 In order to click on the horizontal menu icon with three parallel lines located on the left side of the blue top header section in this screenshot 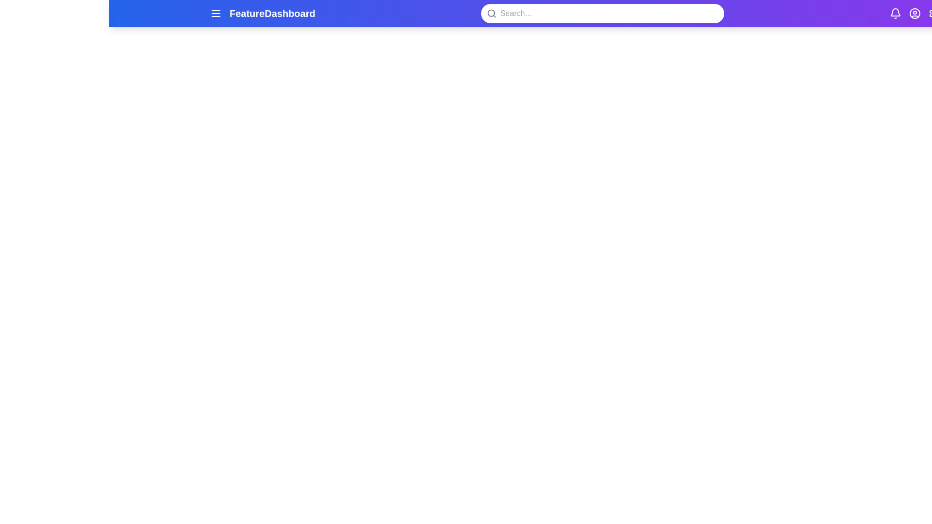, I will do `click(216, 13)`.